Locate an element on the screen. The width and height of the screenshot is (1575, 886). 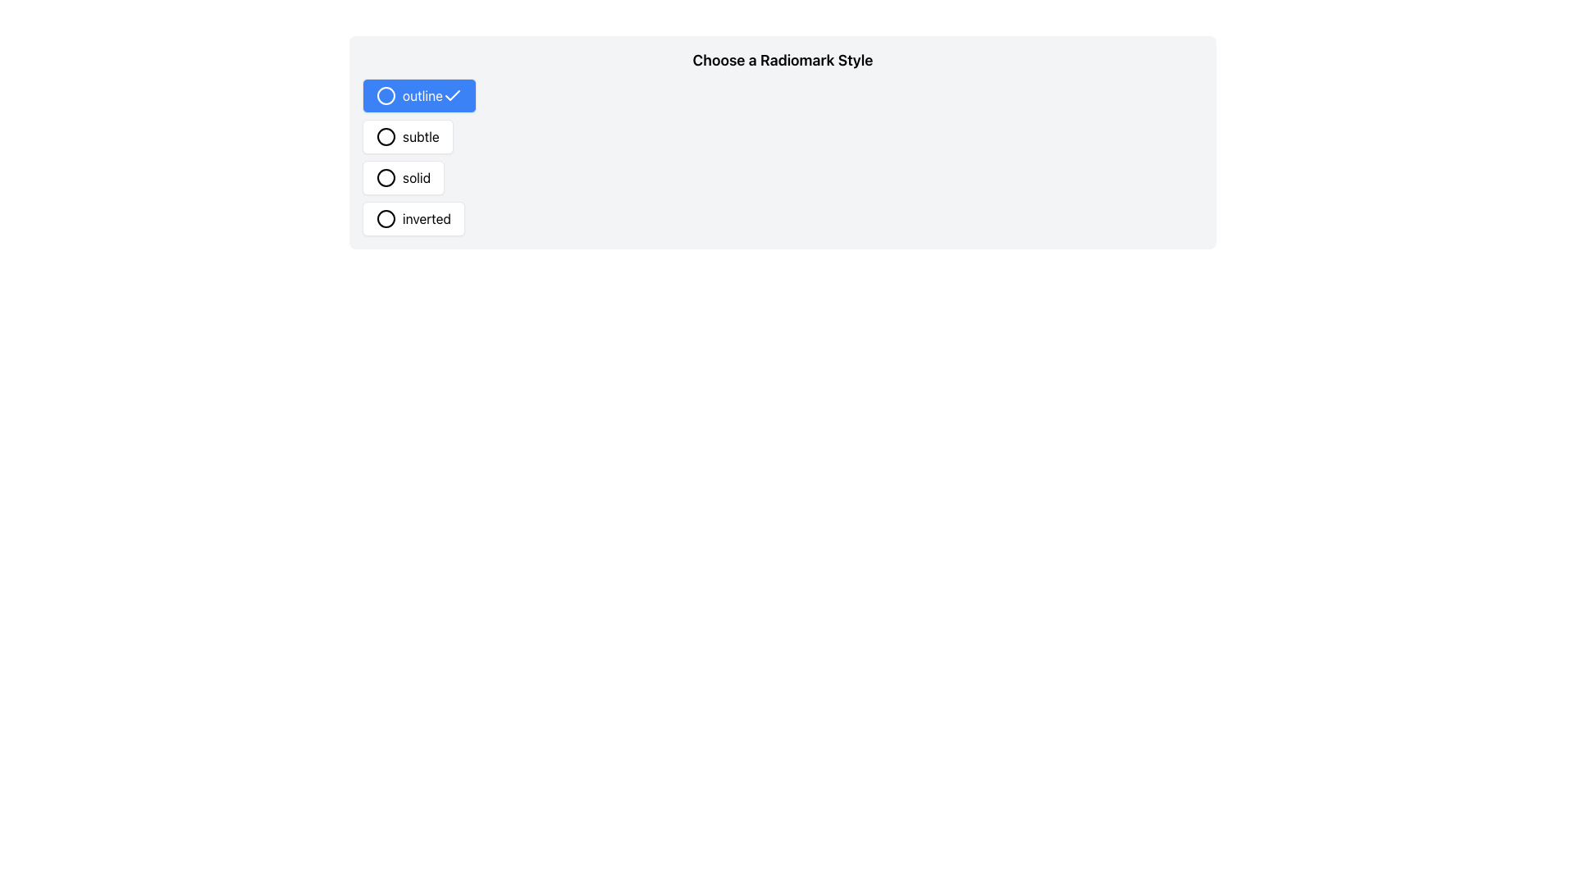
the first radio button option labeled under 'Choose a Radiomark Style' is located at coordinates (419, 95).